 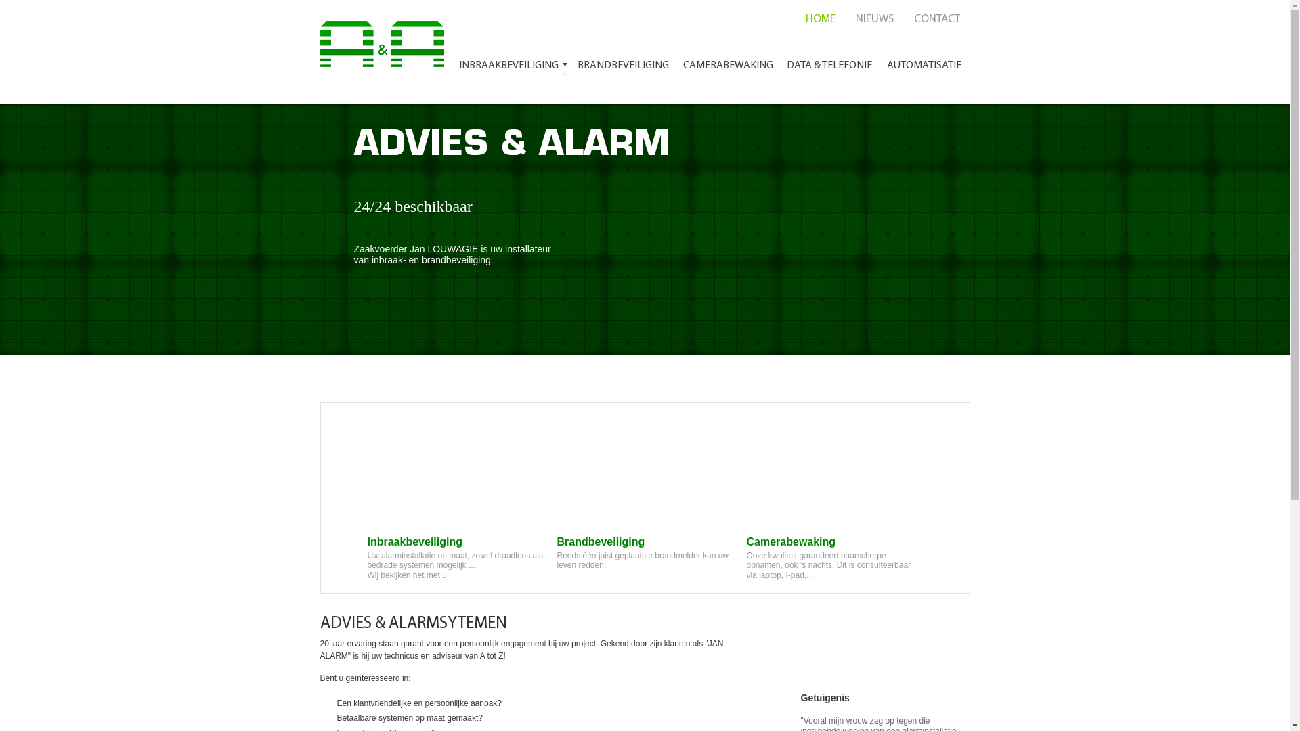 I want to click on 'HOME', so click(x=819, y=19).